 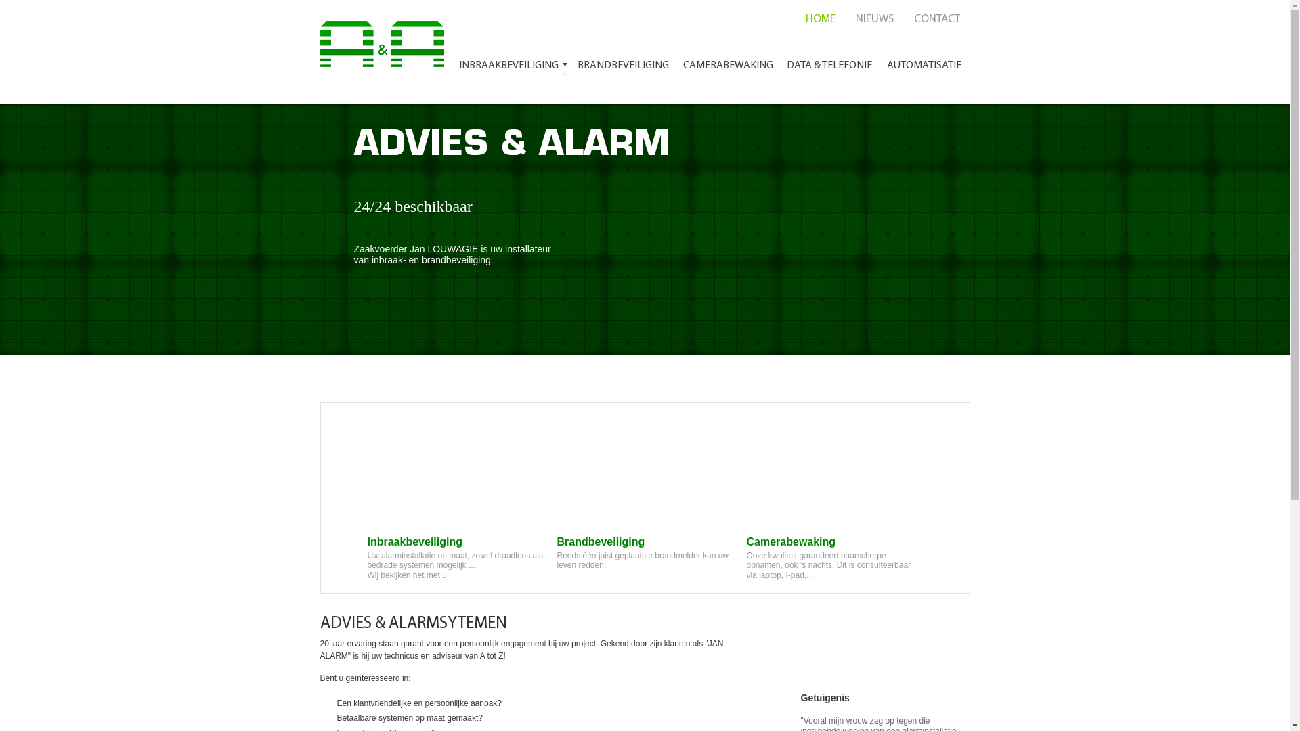 I want to click on 'HOME', so click(x=819, y=19).